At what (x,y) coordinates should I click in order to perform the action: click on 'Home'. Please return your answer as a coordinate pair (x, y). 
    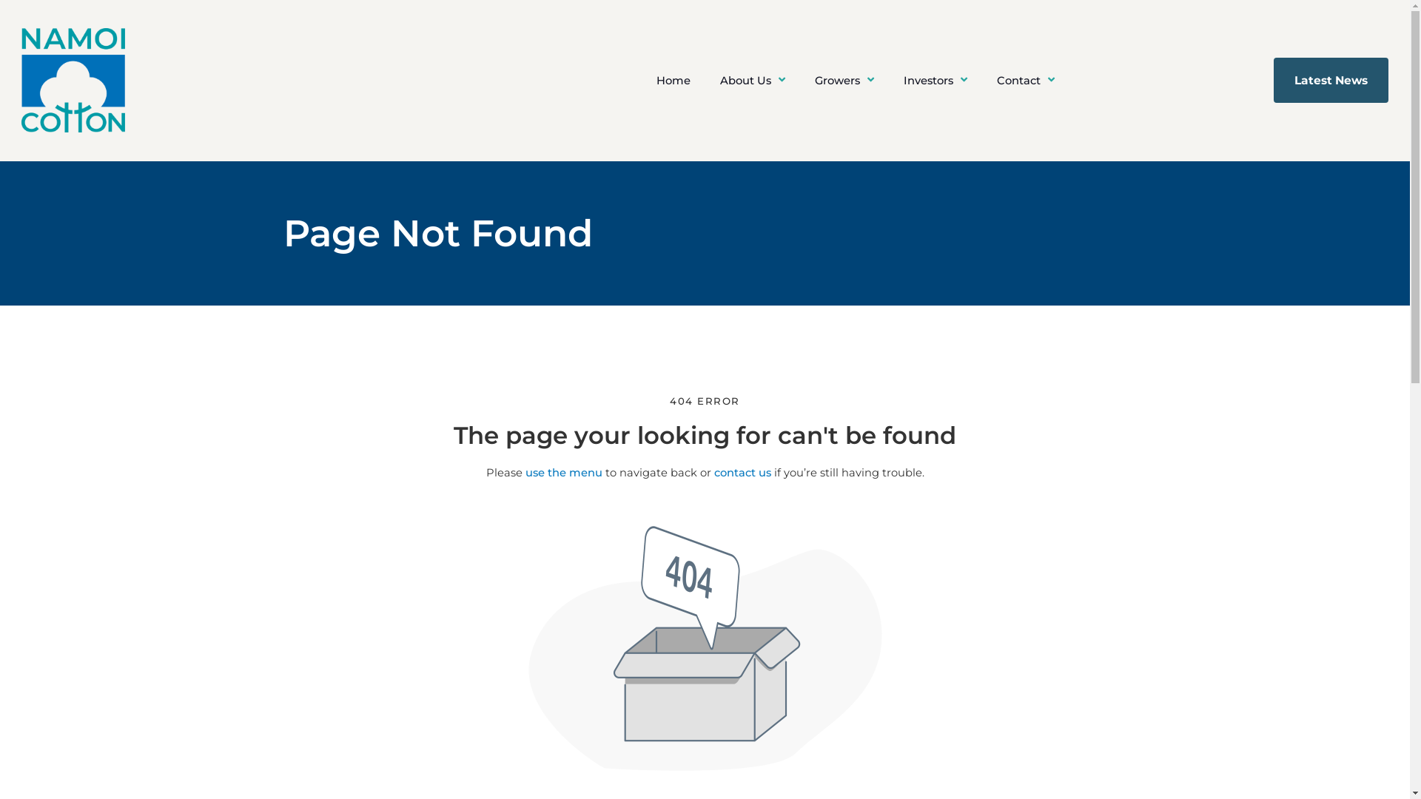
    Looking at the image, I should click on (673, 80).